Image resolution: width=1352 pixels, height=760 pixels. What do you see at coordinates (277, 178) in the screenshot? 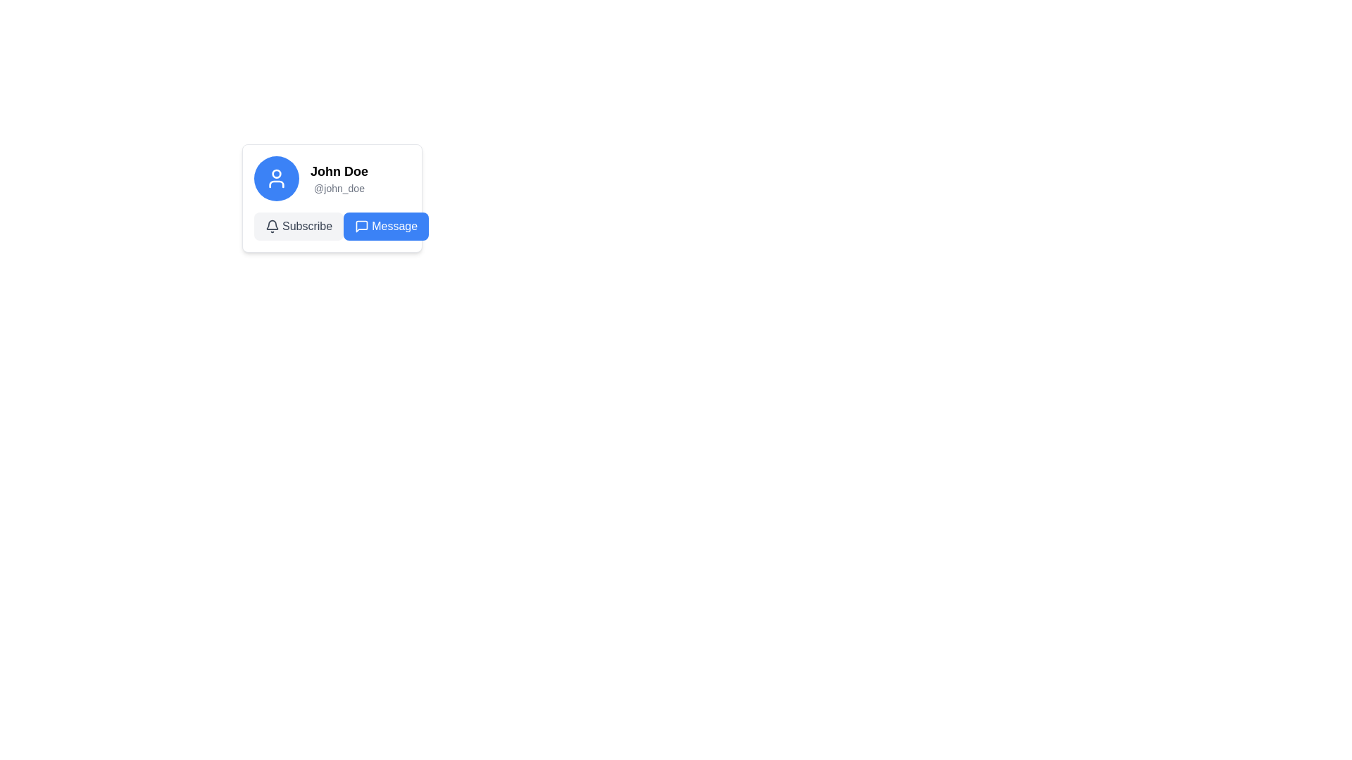
I see `the user profile icon located at the top-left corner of the card interface` at bounding box center [277, 178].